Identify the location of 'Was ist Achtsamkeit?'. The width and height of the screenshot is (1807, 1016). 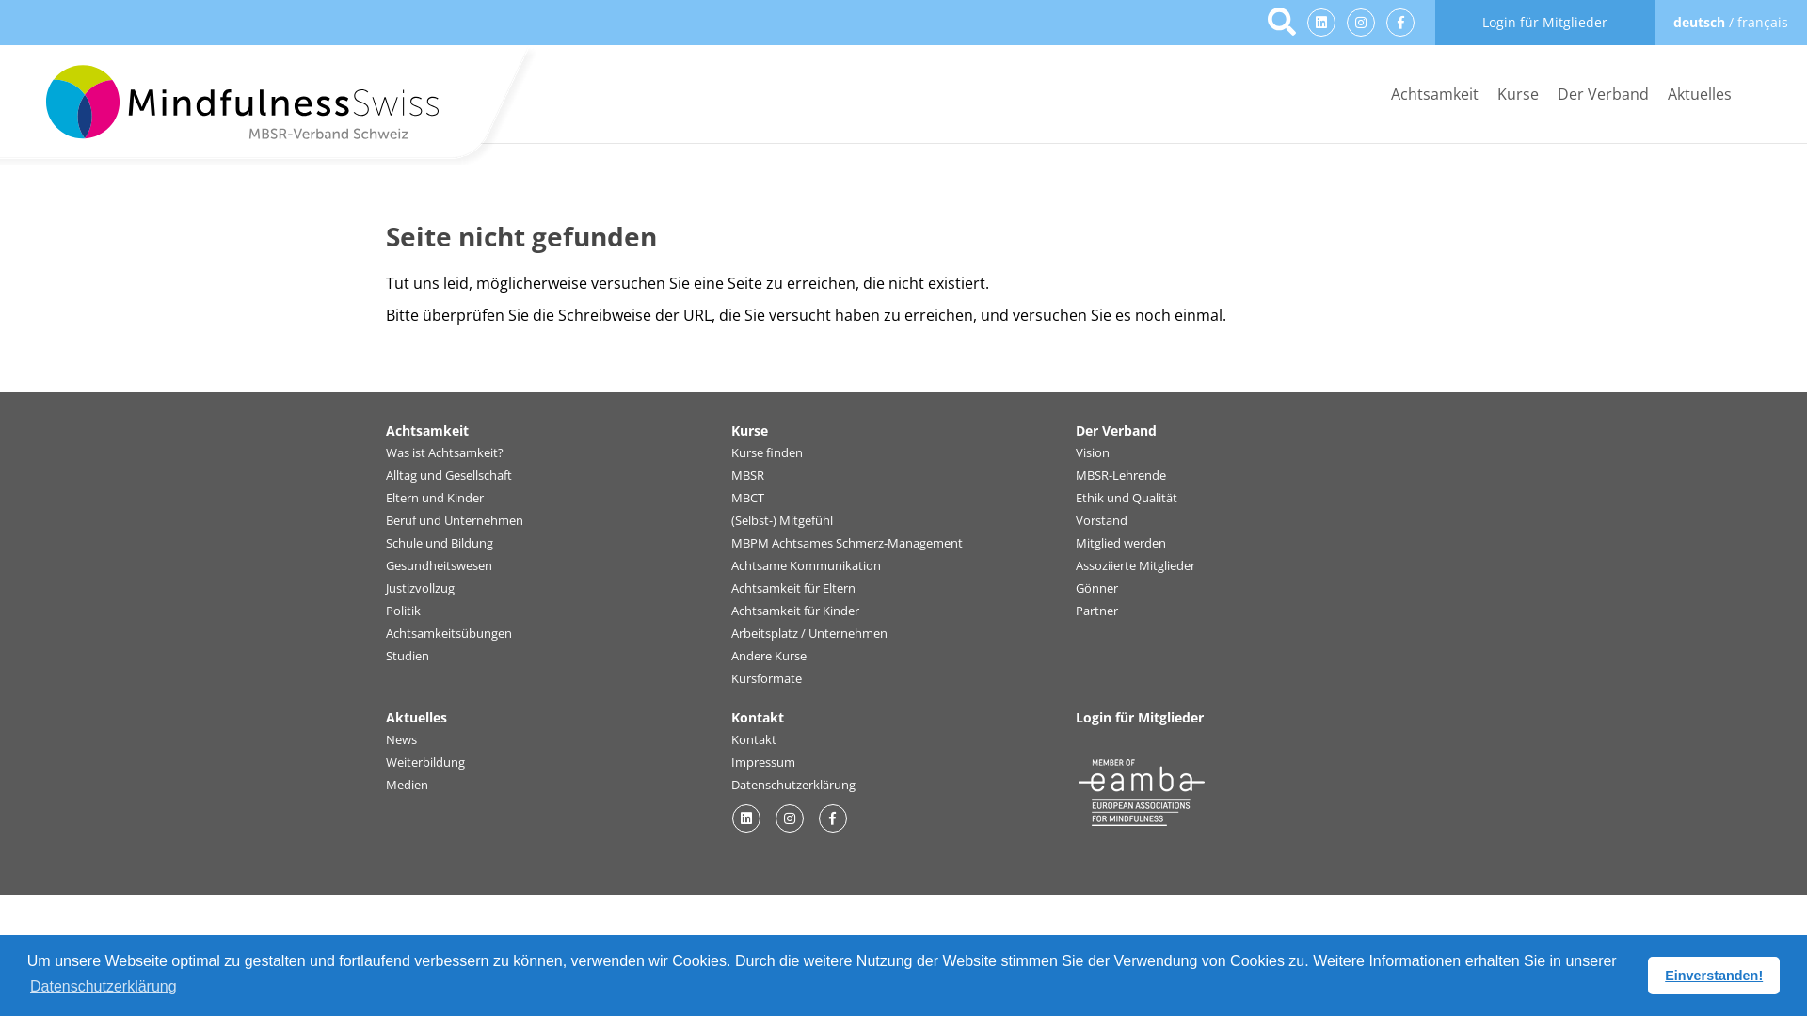
(443, 453).